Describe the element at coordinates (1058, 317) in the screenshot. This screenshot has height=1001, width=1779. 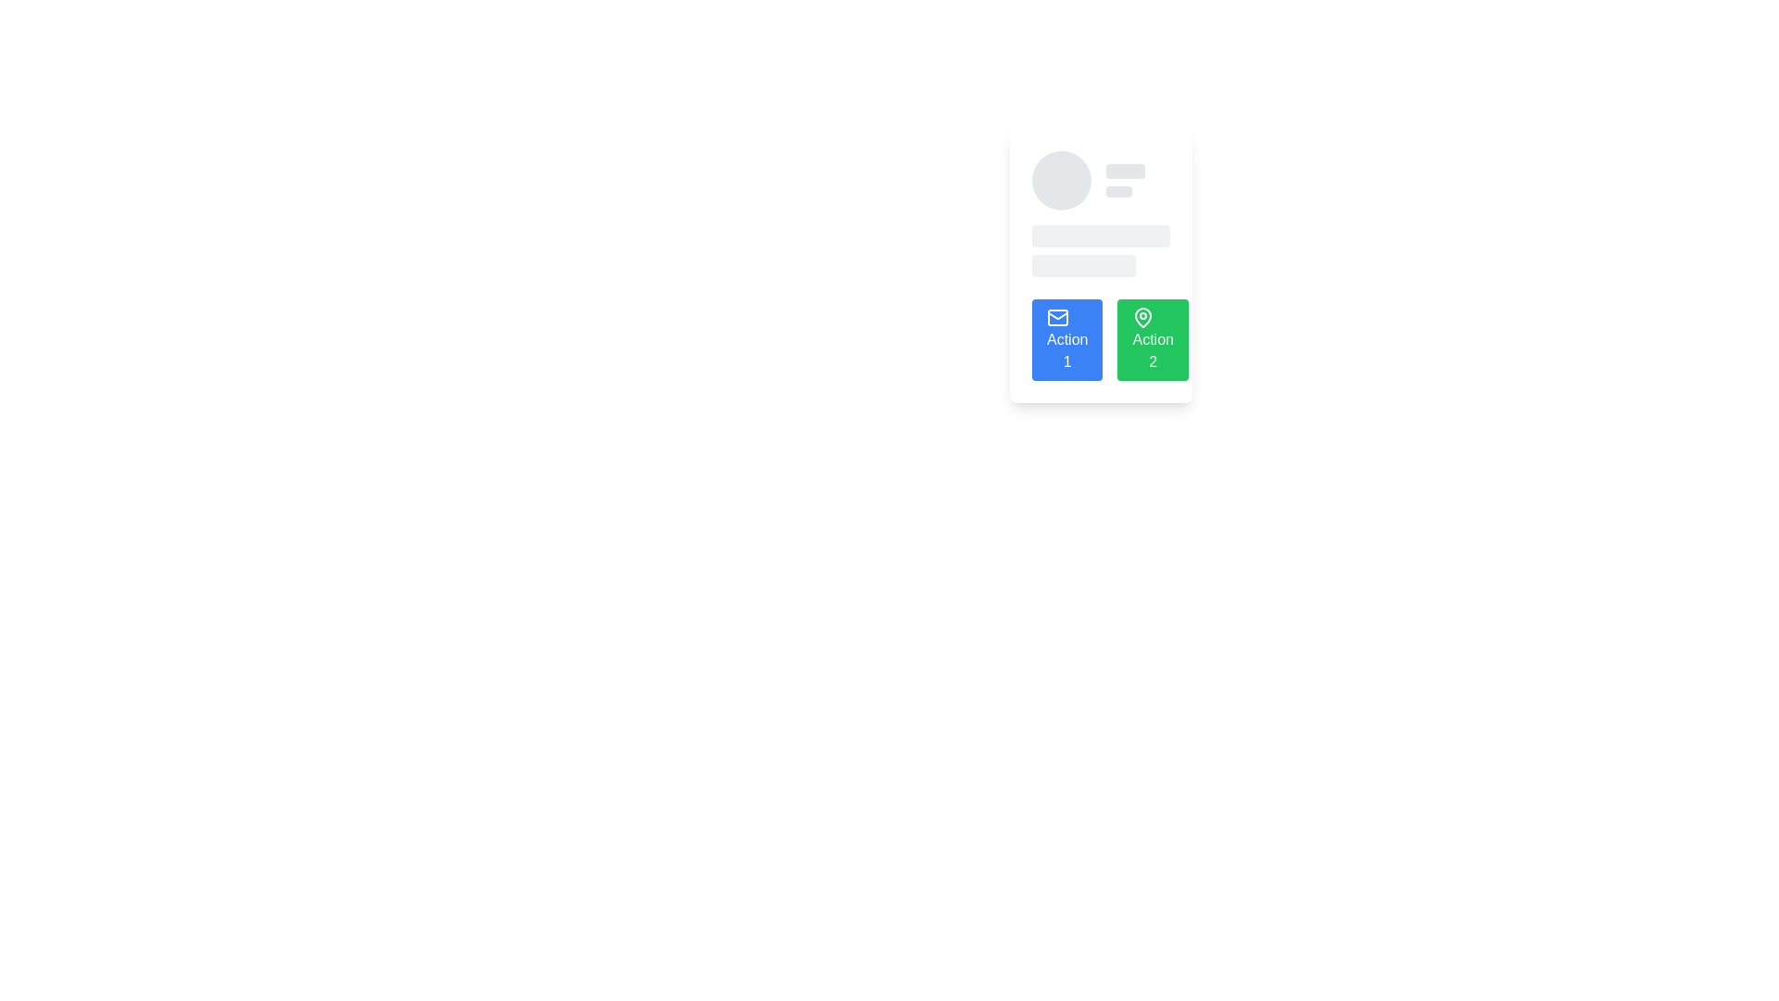
I see `the email indicator icon within the blue rectangular button labeled 'Action 1'` at that location.